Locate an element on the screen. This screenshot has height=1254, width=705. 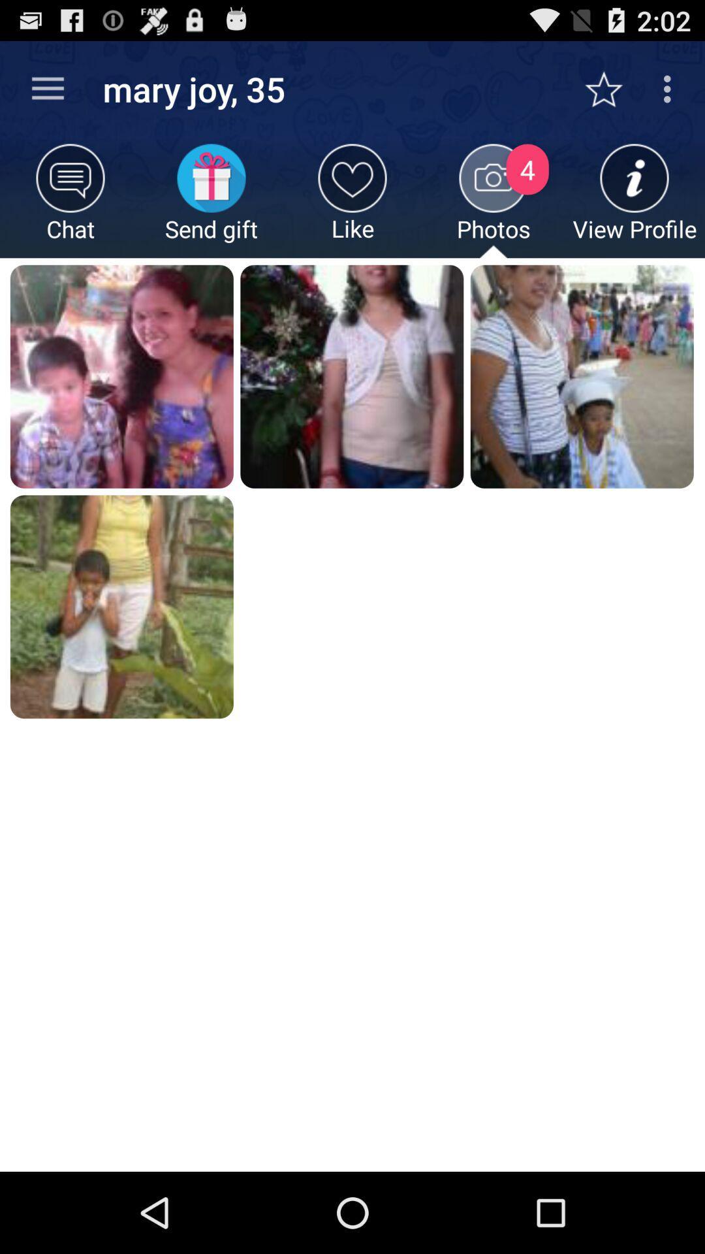
the icon above chat icon is located at coordinates (47, 88).